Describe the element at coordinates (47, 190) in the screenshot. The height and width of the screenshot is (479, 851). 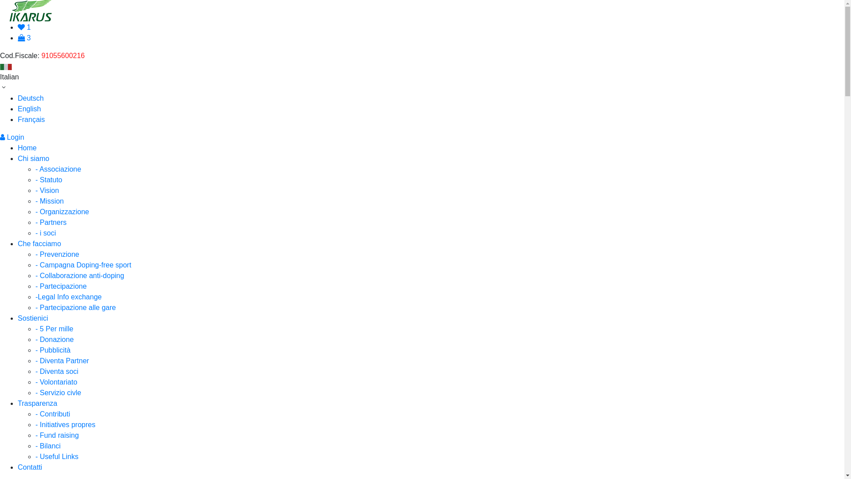
I see `'- Vision'` at that location.